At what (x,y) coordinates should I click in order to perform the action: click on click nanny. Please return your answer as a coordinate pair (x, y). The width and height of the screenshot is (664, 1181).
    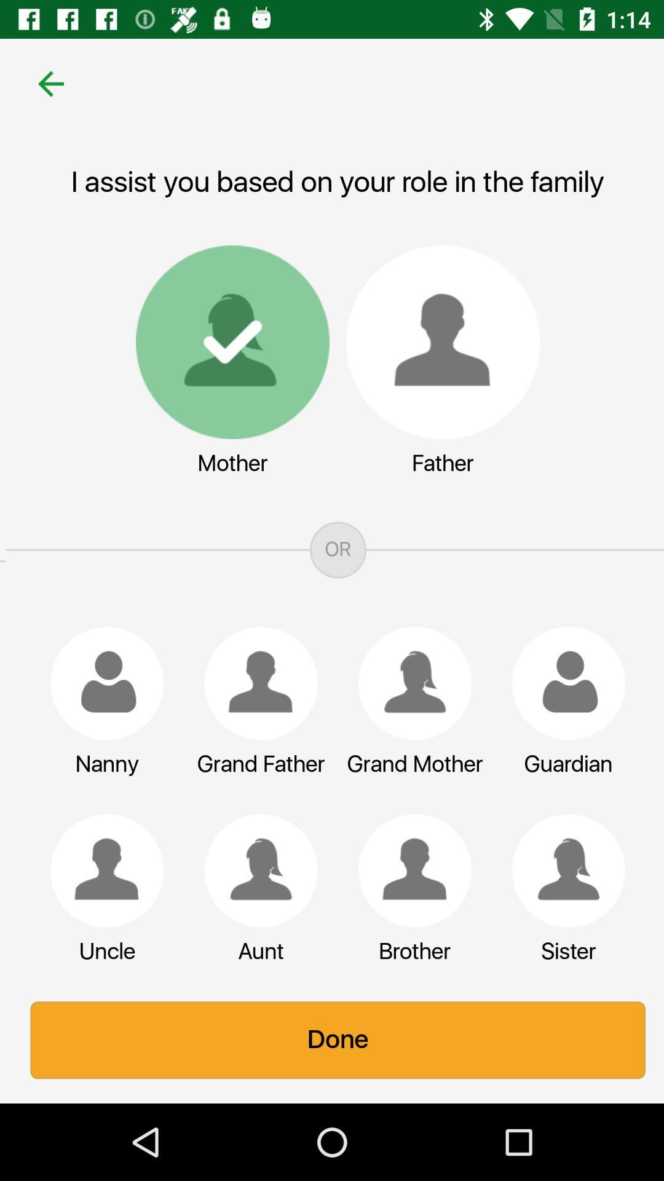
    Looking at the image, I should click on (100, 683).